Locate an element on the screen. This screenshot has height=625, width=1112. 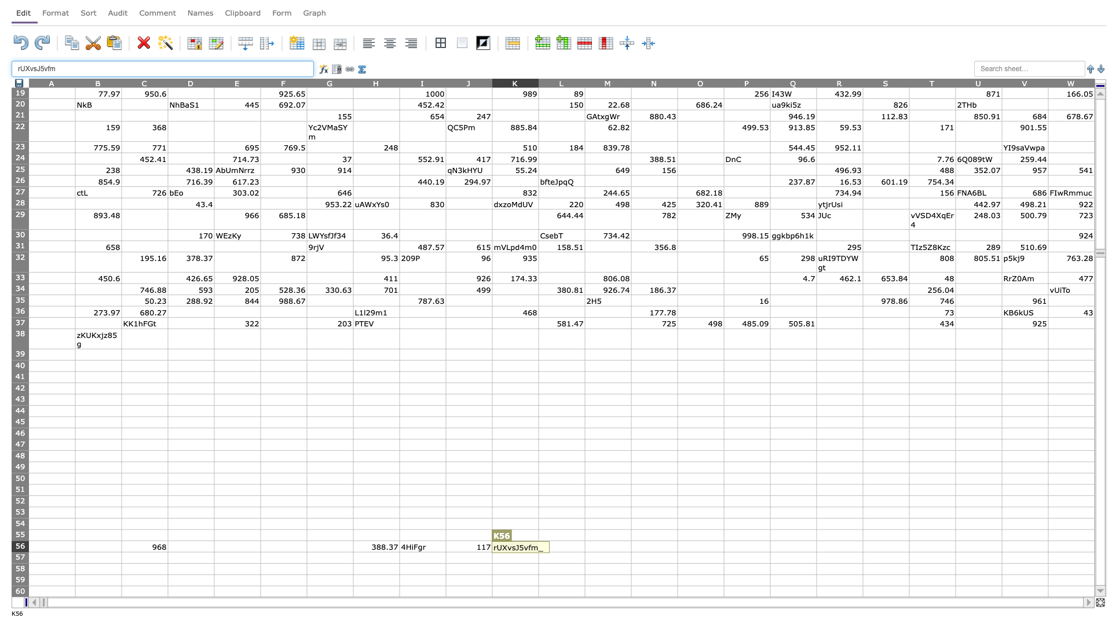
N-56 is located at coordinates (654, 546).